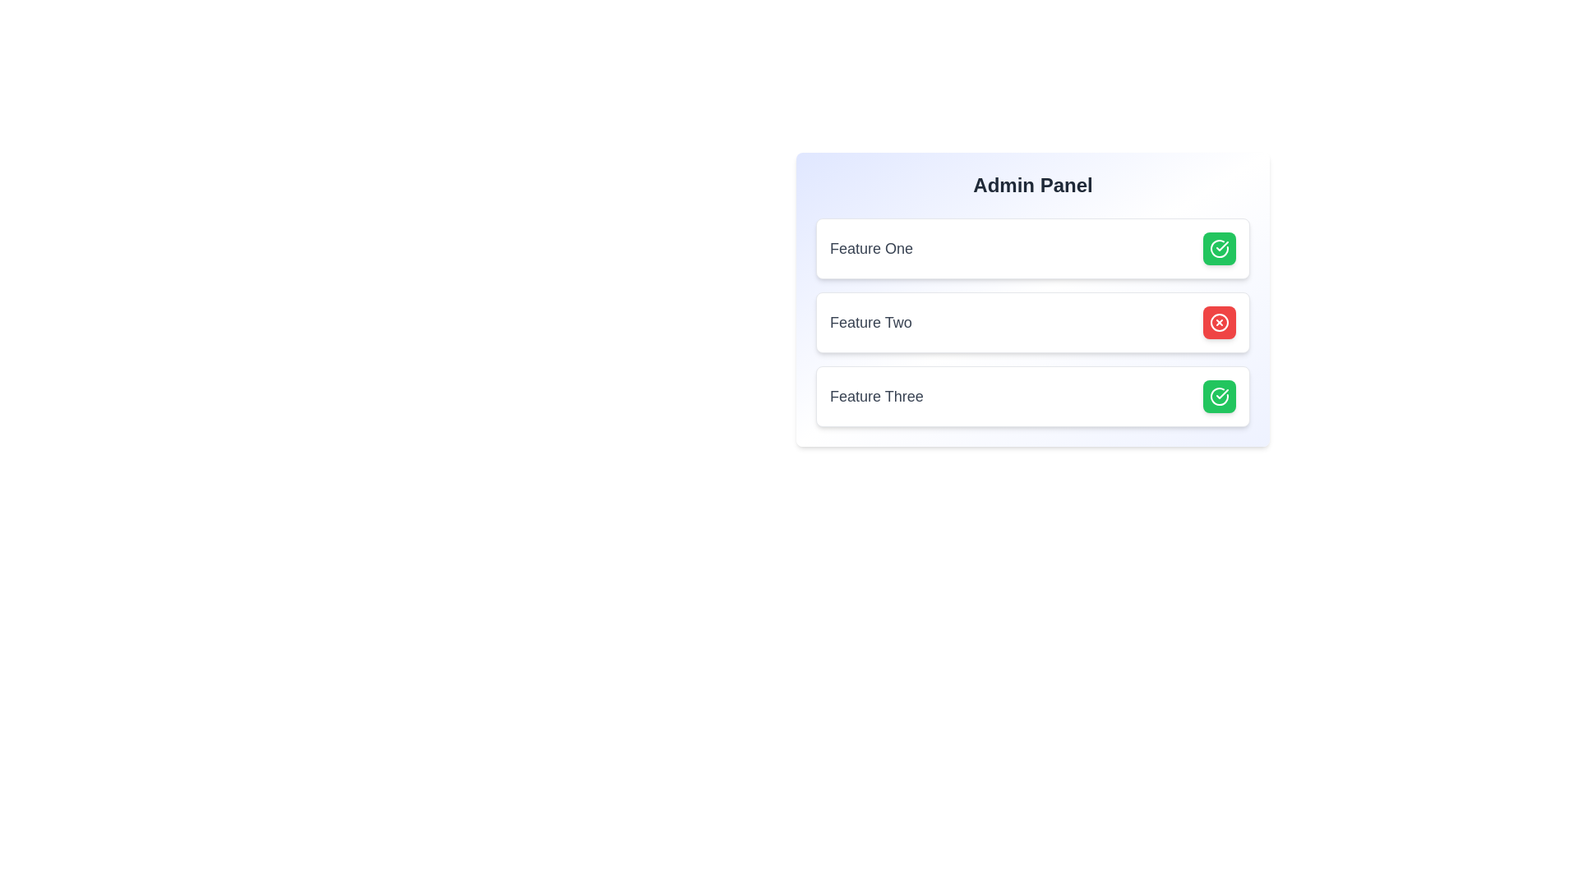 This screenshot has width=1578, height=887. What do you see at coordinates (1219, 396) in the screenshot?
I see `the icon for Feature Three` at bounding box center [1219, 396].